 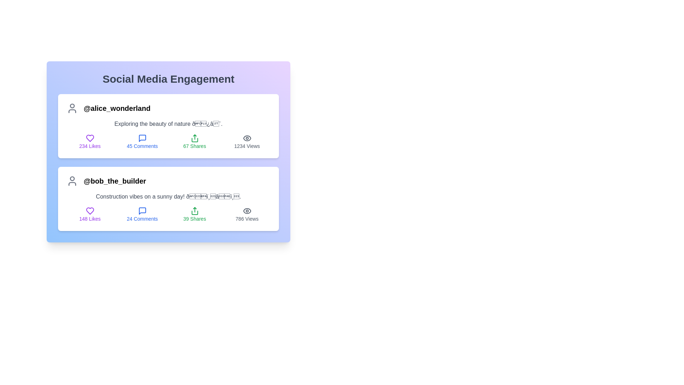 What do you see at coordinates (72, 108) in the screenshot?
I see `the user profile icon for '@alice_wonderland', which is located on the far-left side of the user profile section` at bounding box center [72, 108].